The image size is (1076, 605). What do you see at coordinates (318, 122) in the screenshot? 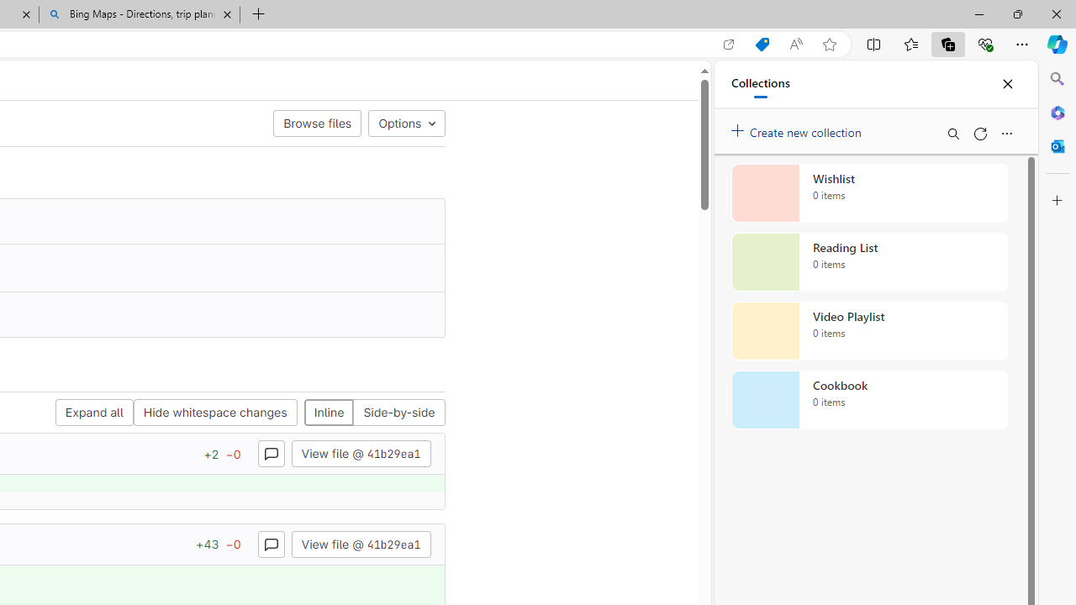
I see `'Browse files'` at bounding box center [318, 122].